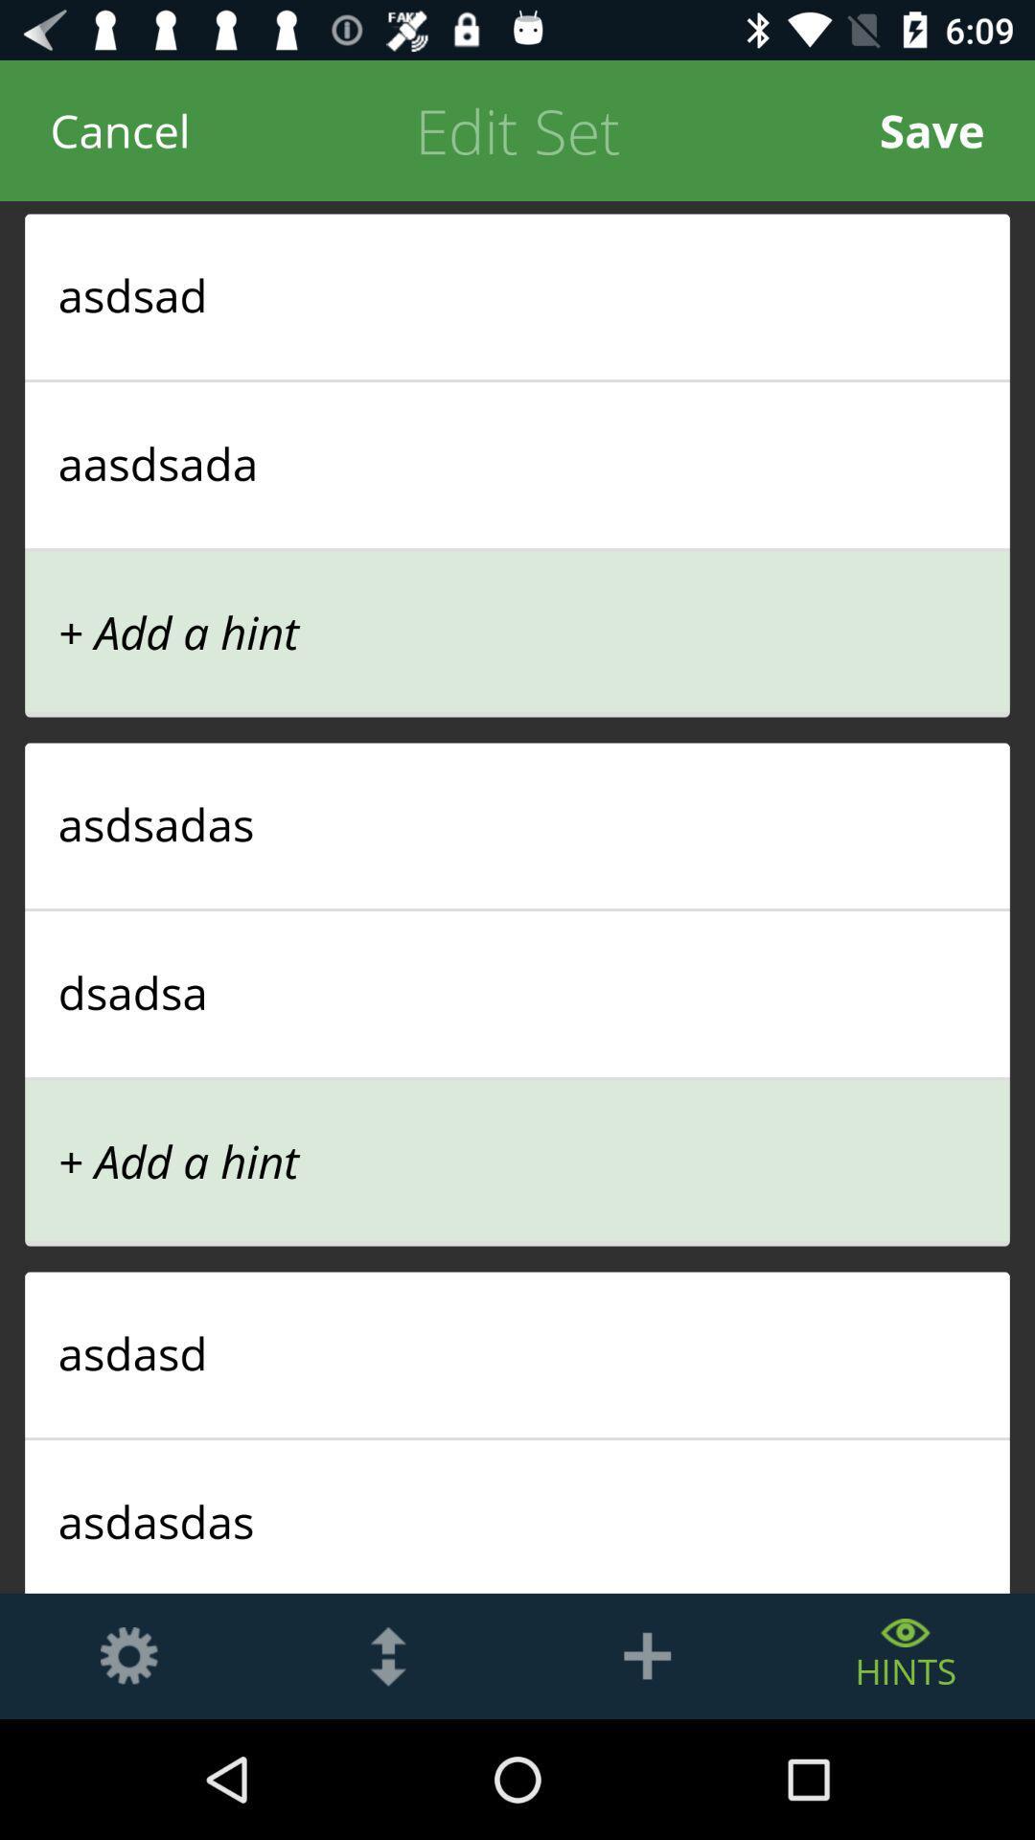 This screenshot has height=1840, width=1035. Describe the element at coordinates (517, 908) in the screenshot. I see `icon above the dsadsa icon` at that location.